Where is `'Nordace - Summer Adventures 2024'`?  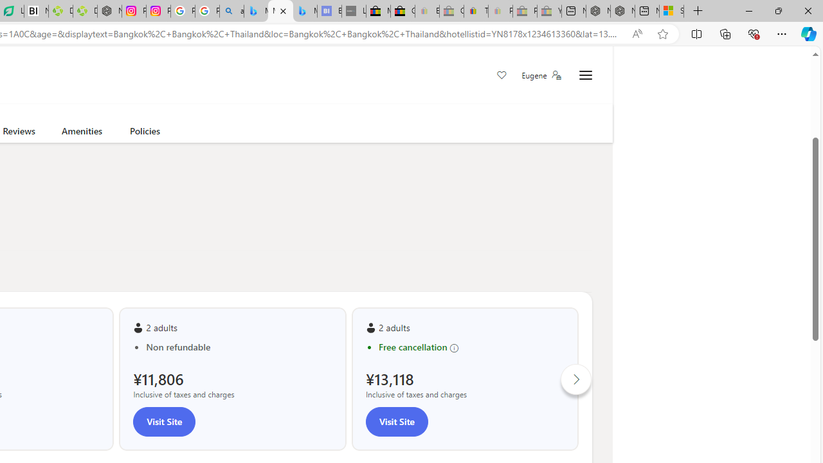
'Nordace - Summer Adventures 2024' is located at coordinates (622, 11).